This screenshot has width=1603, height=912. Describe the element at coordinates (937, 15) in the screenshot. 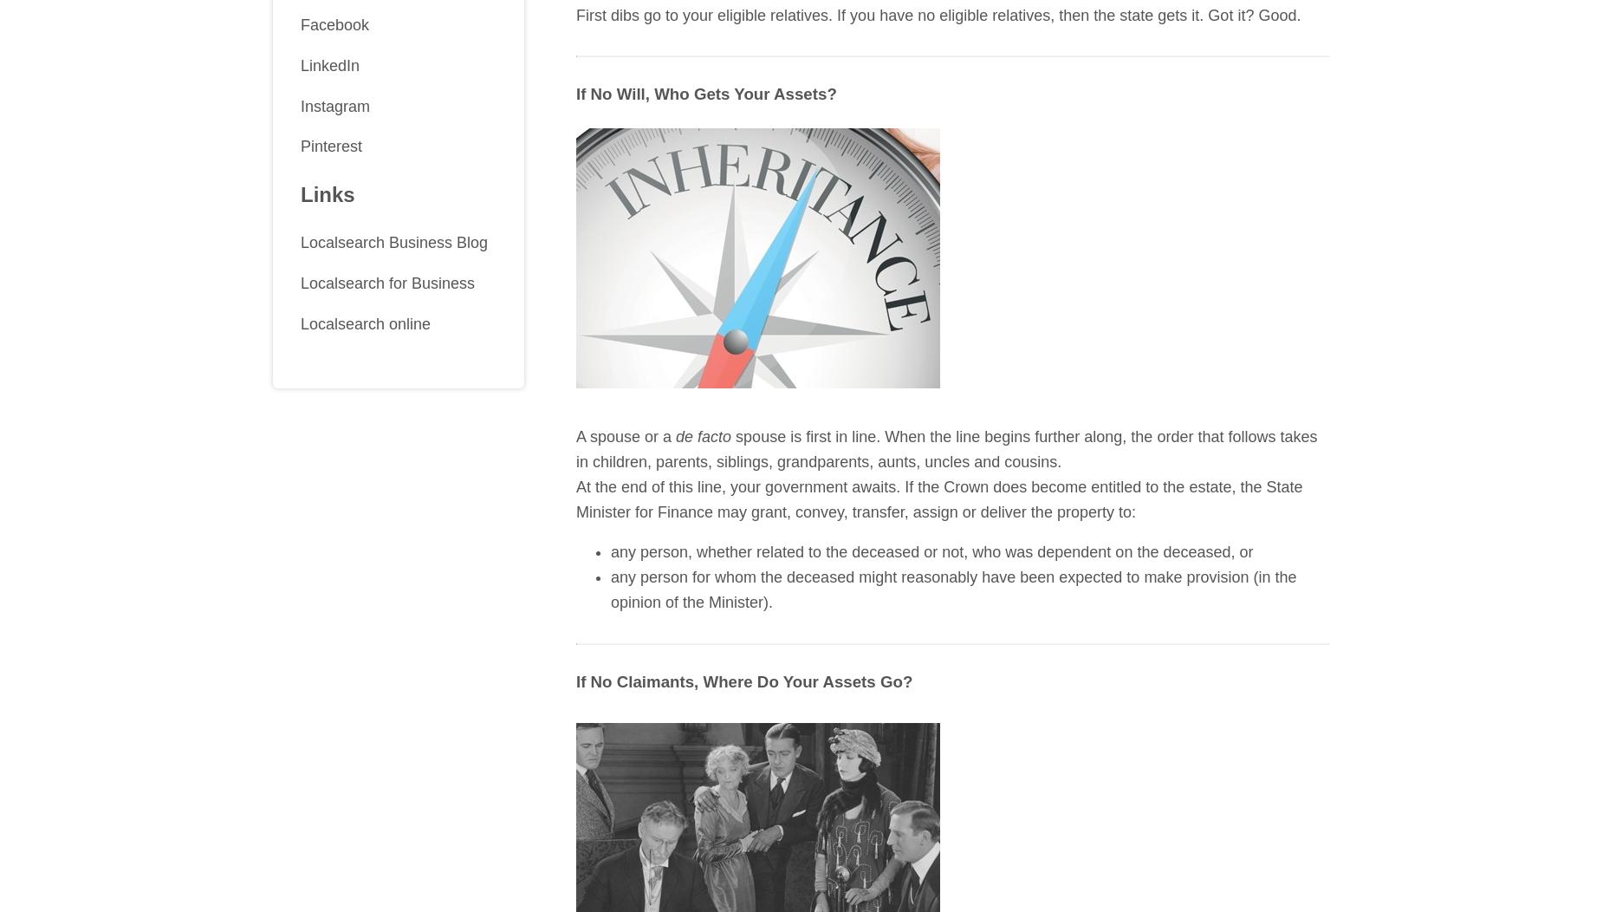

I see `'First dibs go to your eligible relatives. If you have no eligible relatives, then the state gets it. Got it? Good.'` at that location.